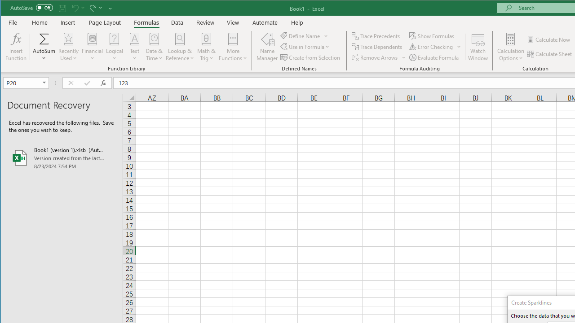  What do you see at coordinates (432, 47) in the screenshot?
I see `'Error Checking...'` at bounding box center [432, 47].